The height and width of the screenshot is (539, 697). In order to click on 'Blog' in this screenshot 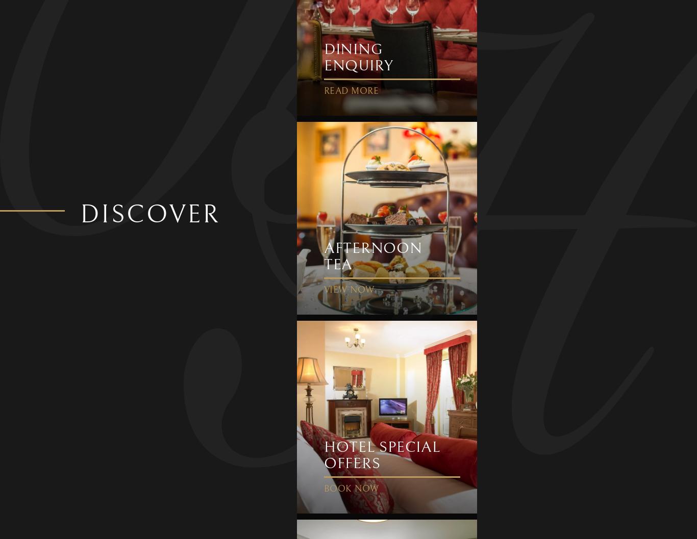, I will do `click(146, 150)`.